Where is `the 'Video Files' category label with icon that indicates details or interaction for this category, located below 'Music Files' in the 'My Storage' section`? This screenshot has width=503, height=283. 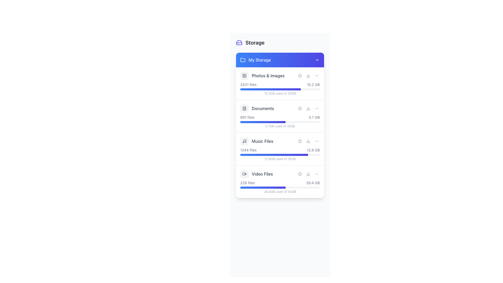 the 'Video Files' category label with icon that indicates details or interaction for this category, located below 'Music Files' in the 'My Storage' section is located at coordinates (256, 174).